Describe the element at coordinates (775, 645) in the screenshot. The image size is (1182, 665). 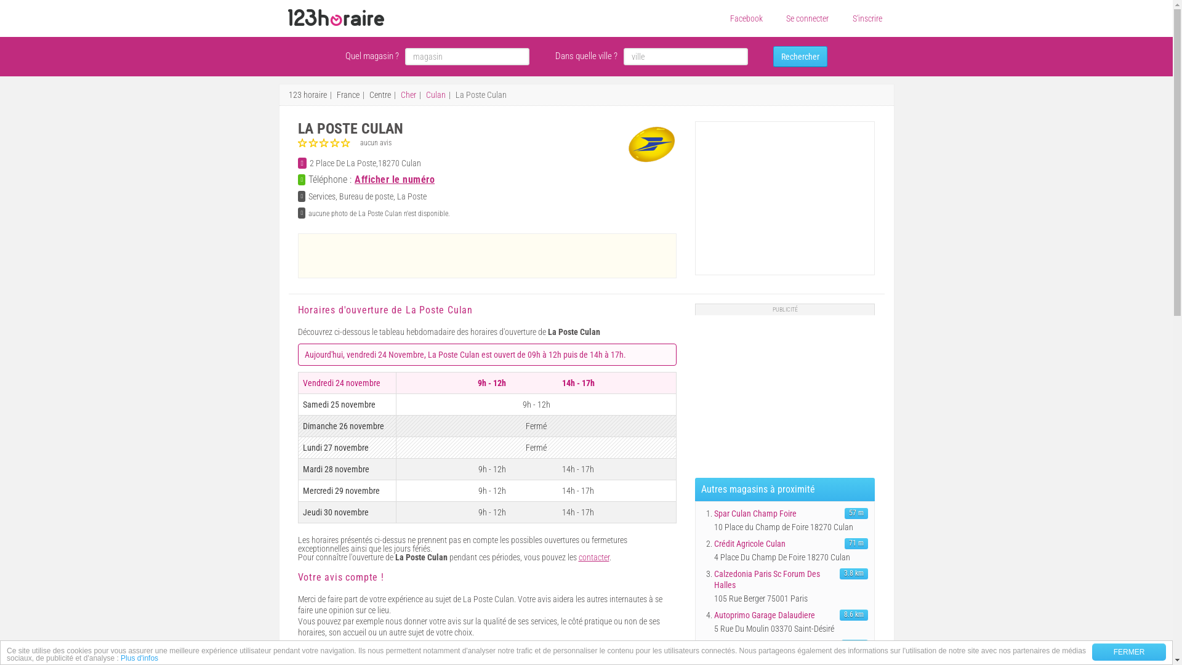
I see `'U Express Le Chatelet En Berry'` at that location.